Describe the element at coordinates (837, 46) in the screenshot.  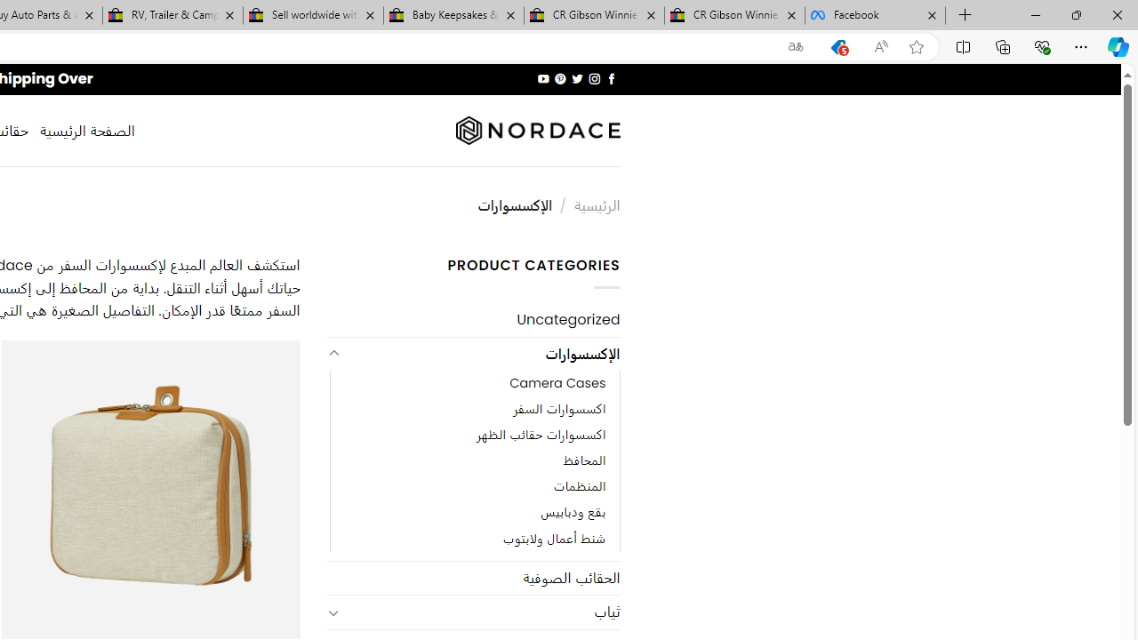
I see `'This site has coupons! Shopping in Microsoft Edge, 5'` at that location.